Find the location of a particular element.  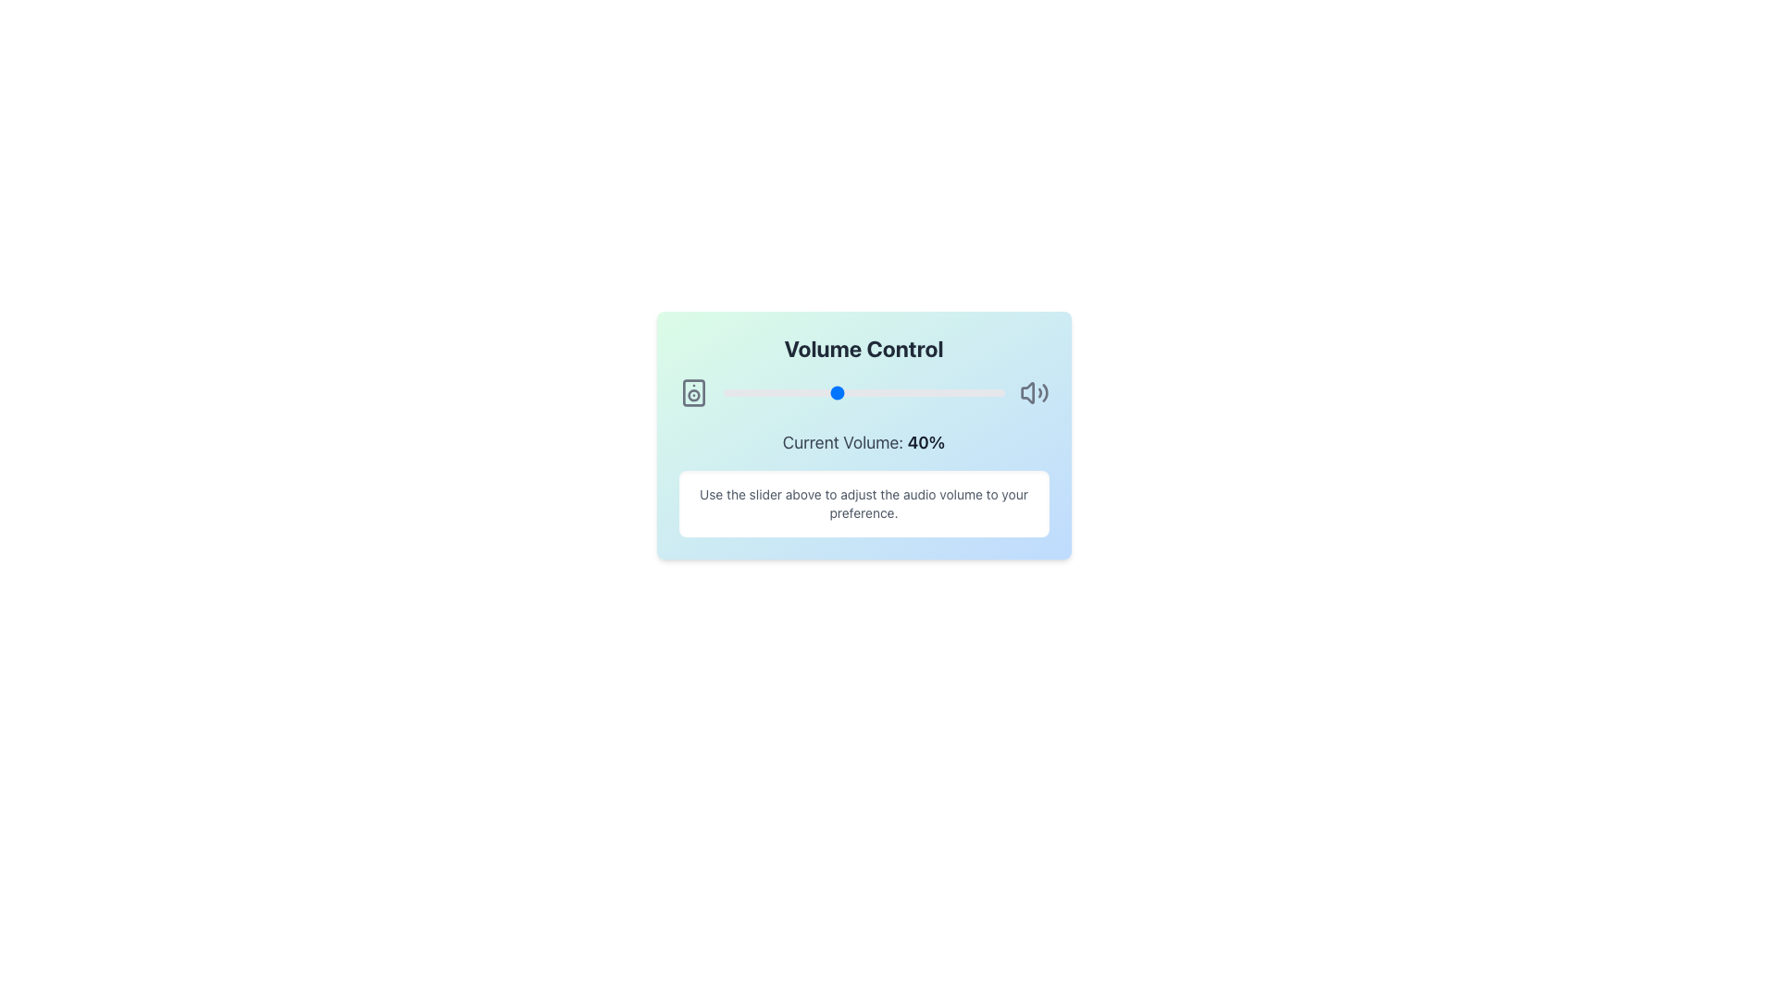

the rectangular SVG graphical element with rounded corners inside the speaker icon located in the top-left corner of the volume control interface to focus is located at coordinates (692, 391).